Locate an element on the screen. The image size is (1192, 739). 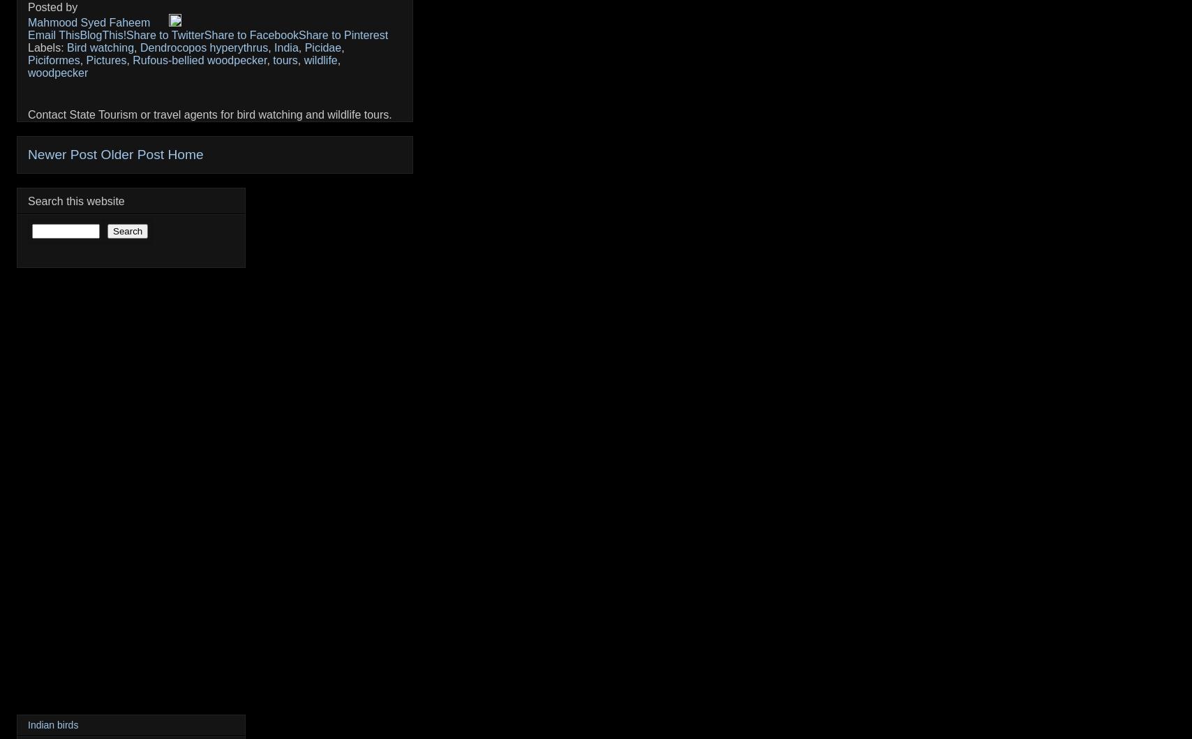
'Labels:' is located at coordinates (47, 47).